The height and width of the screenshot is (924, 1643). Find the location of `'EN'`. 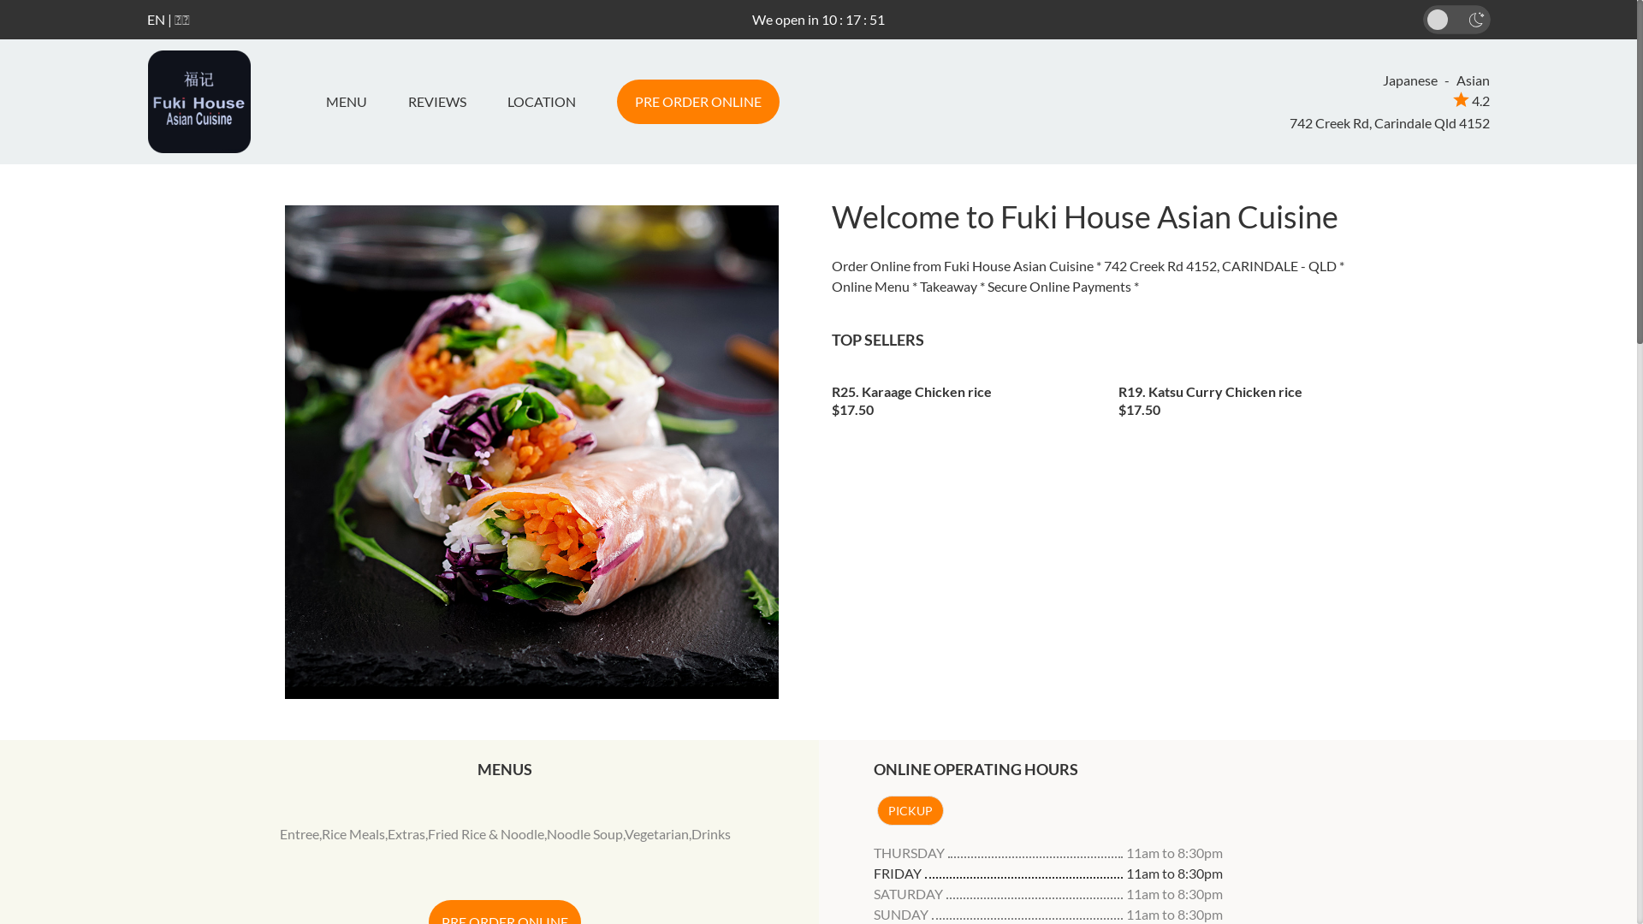

'EN' is located at coordinates (156, 19).